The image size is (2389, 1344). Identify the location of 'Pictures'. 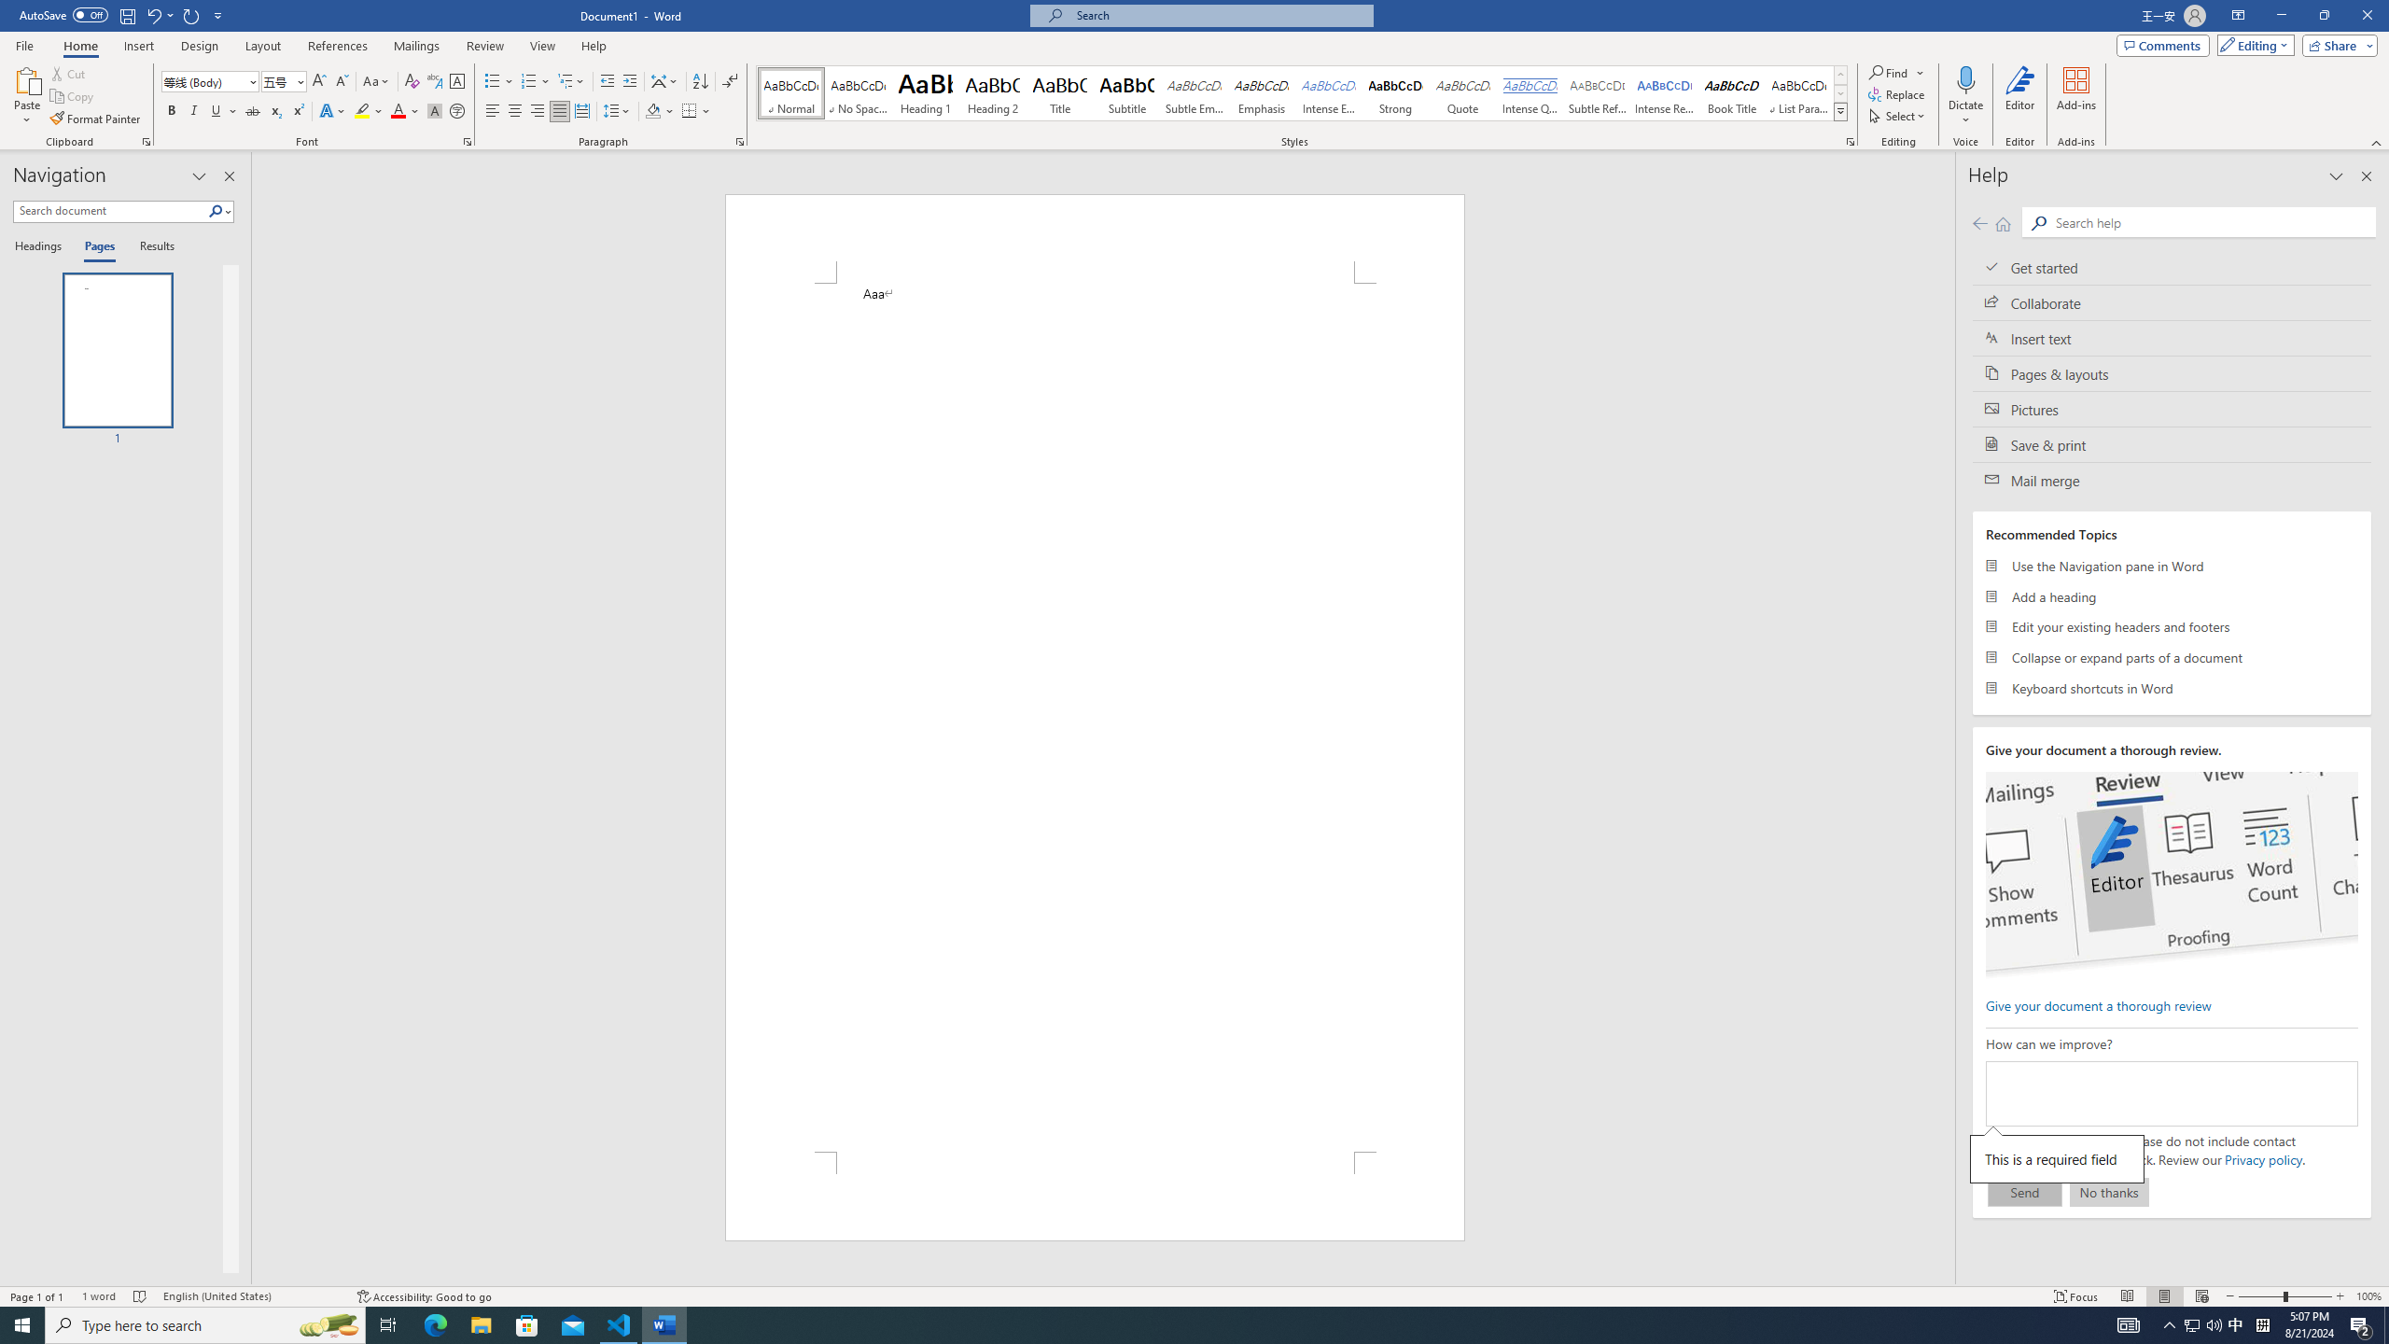
(2172, 409).